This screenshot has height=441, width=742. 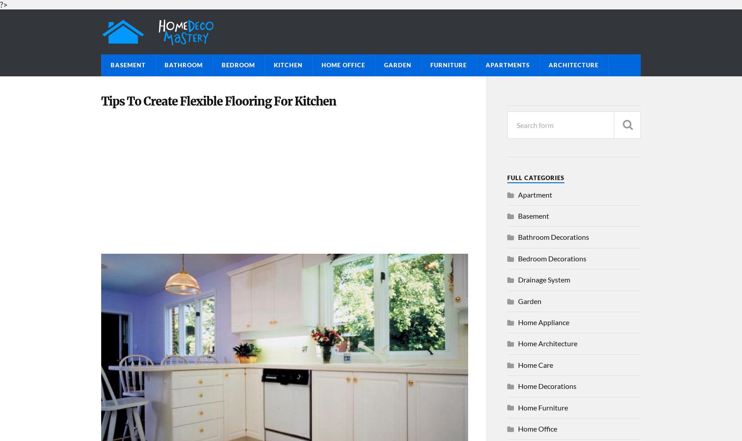 What do you see at coordinates (533, 215) in the screenshot?
I see `'Basement'` at bounding box center [533, 215].